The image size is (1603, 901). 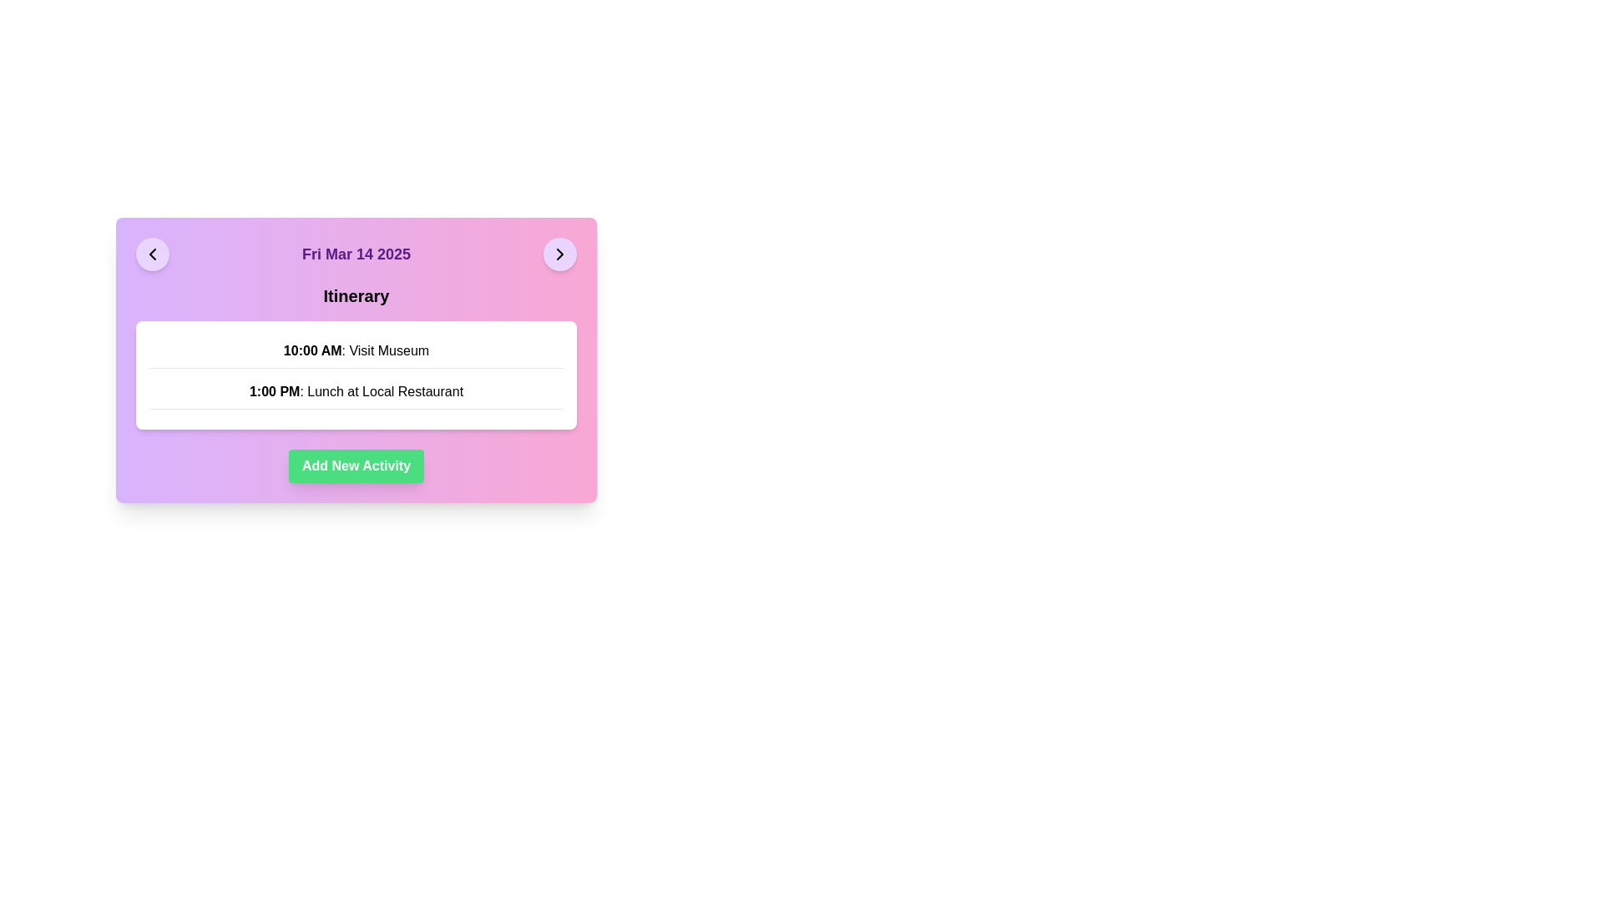 What do you see at coordinates (560, 254) in the screenshot?
I see `the navigation chevron button located in the upper-right corner of the itinerary card` at bounding box center [560, 254].